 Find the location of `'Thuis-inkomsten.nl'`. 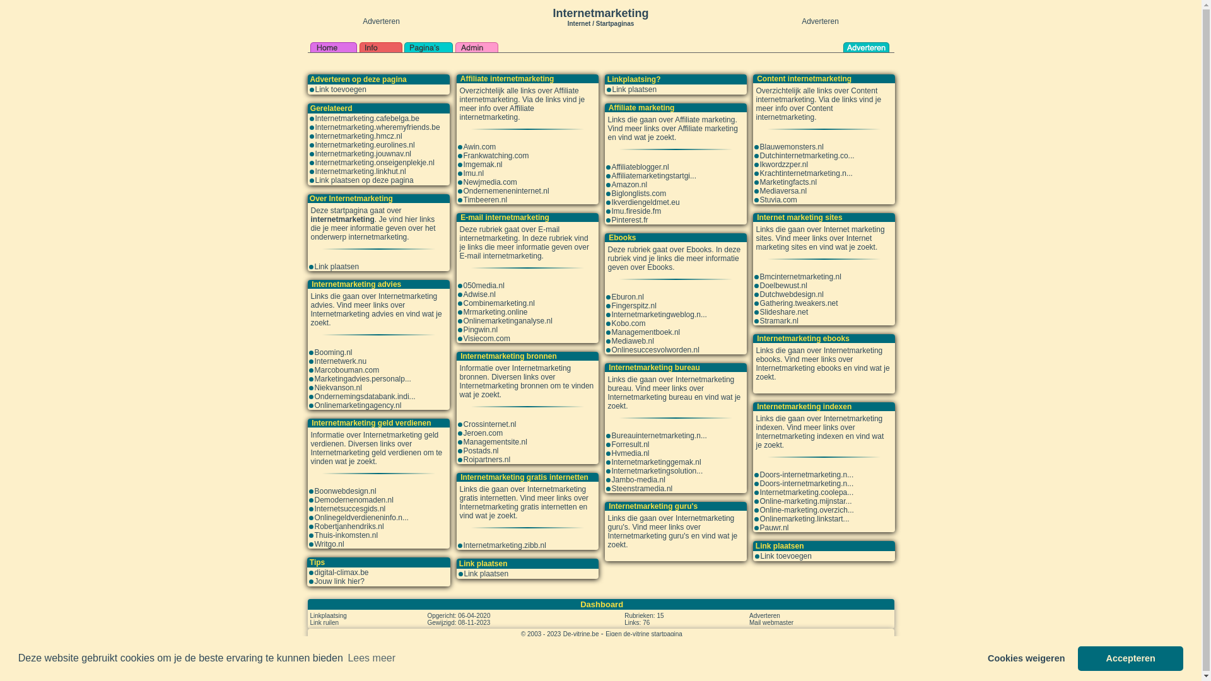

'Thuis-inkomsten.nl' is located at coordinates (346, 535).